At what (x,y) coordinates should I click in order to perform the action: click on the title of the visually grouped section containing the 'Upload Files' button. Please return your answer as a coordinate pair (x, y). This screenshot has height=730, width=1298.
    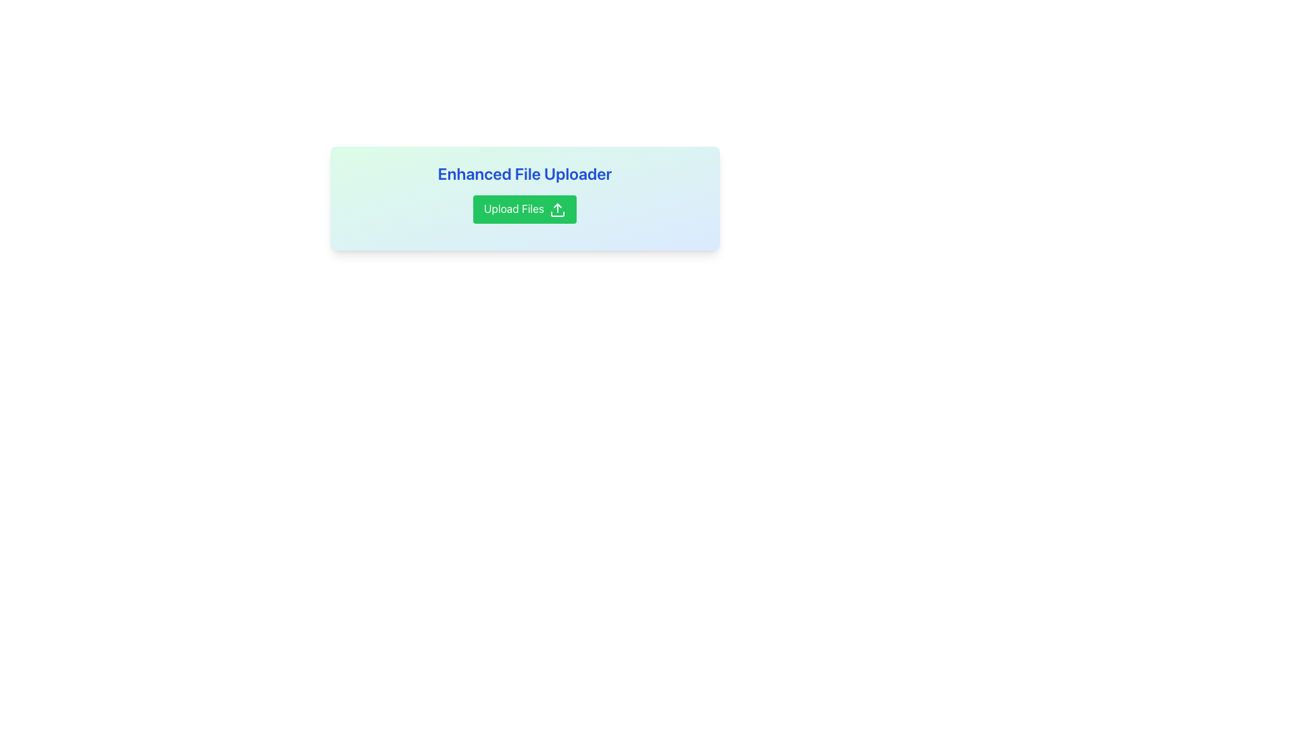
    Looking at the image, I should click on (524, 193).